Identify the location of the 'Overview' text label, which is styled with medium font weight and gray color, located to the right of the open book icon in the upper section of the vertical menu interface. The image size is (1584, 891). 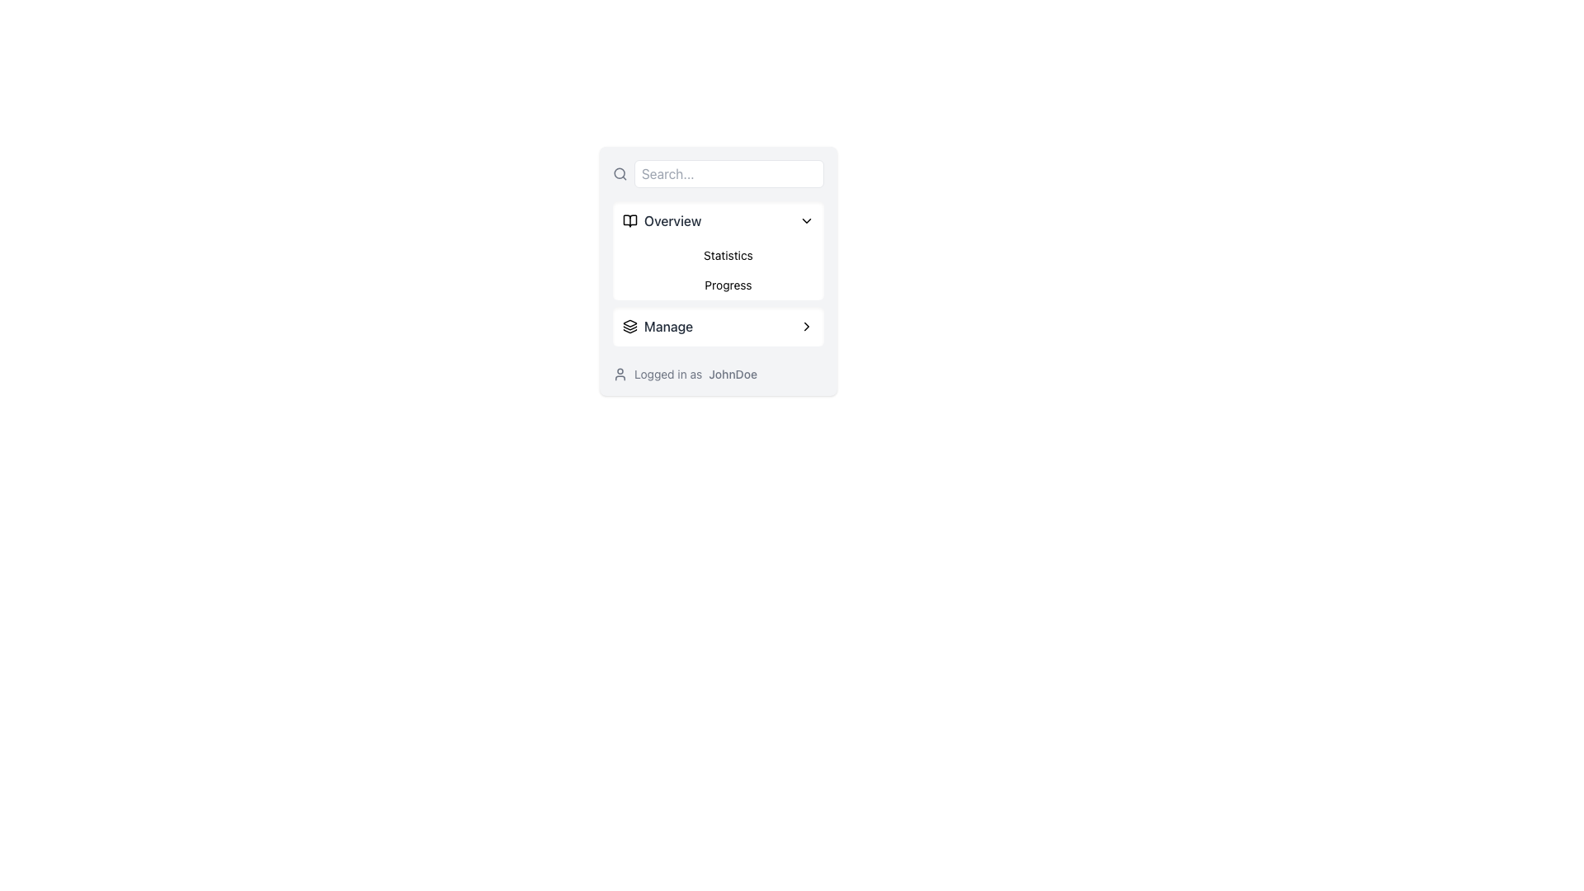
(672, 219).